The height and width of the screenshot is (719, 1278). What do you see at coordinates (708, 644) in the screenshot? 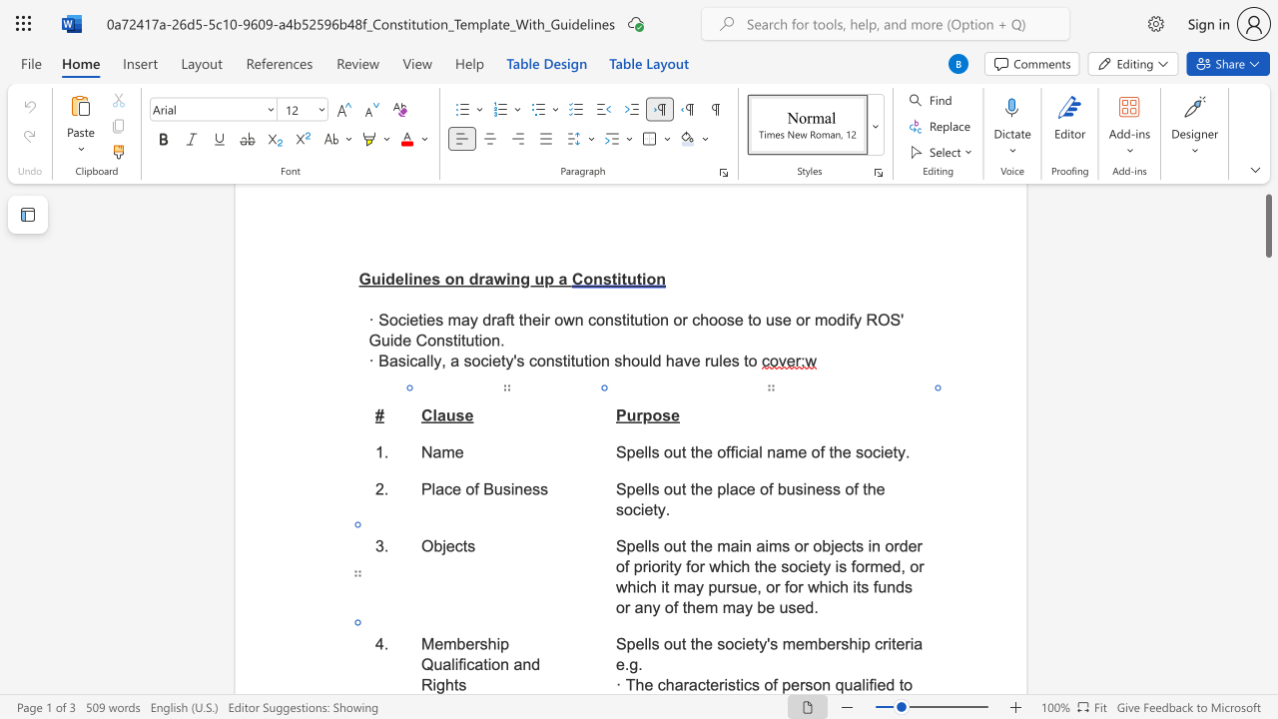
I see `the 2th character "e" in the text` at bounding box center [708, 644].